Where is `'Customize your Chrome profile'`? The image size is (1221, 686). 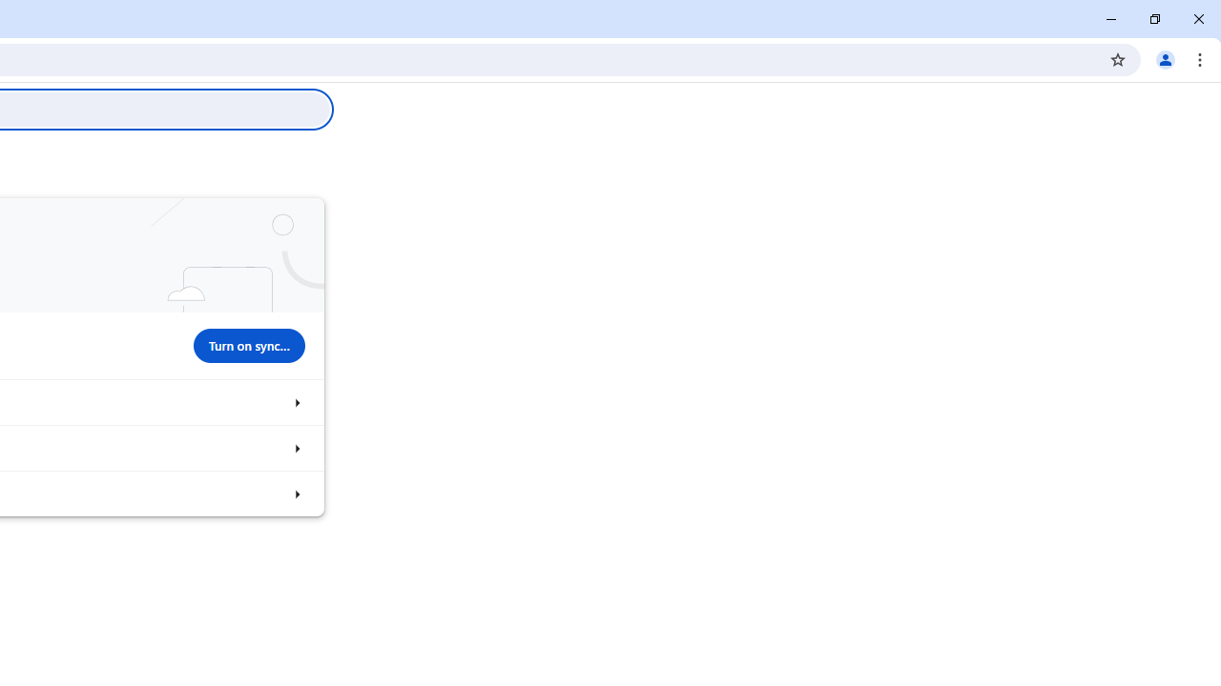
'Customize your Chrome profile' is located at coordinates (296, 448).